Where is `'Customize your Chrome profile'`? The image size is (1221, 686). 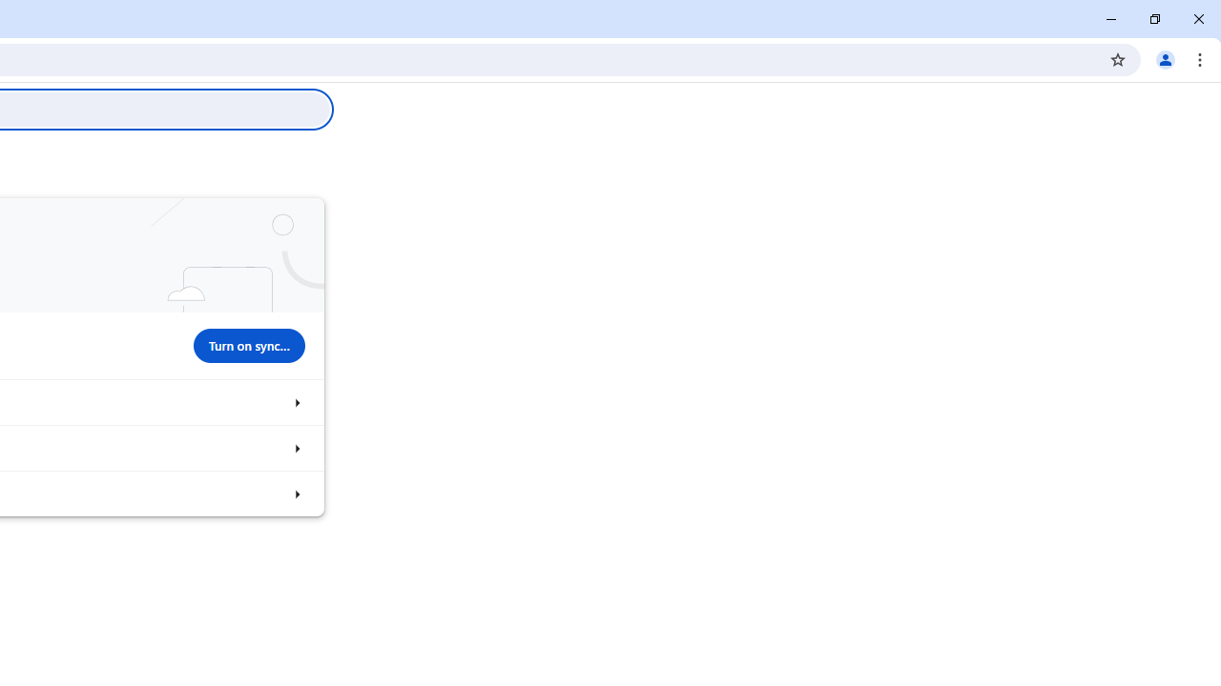
'Customize your Chrome profile' is located at coordinates (296, 448).